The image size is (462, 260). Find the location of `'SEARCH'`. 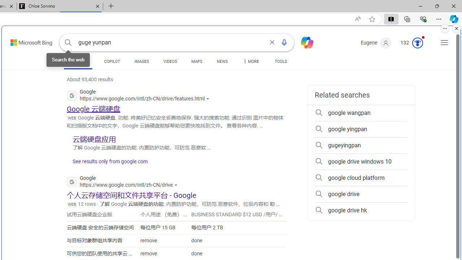

'SEARCH' is located at coordinates (78, 61).